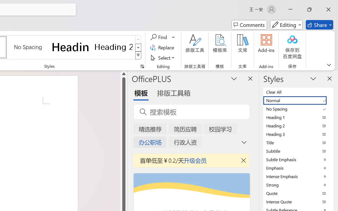 The width and height of the screenshot is (338, 211). What do you see at coordinates (309, 9) in the screenshot?
I see `'Restore Down'` at bounding box center [309, 9].